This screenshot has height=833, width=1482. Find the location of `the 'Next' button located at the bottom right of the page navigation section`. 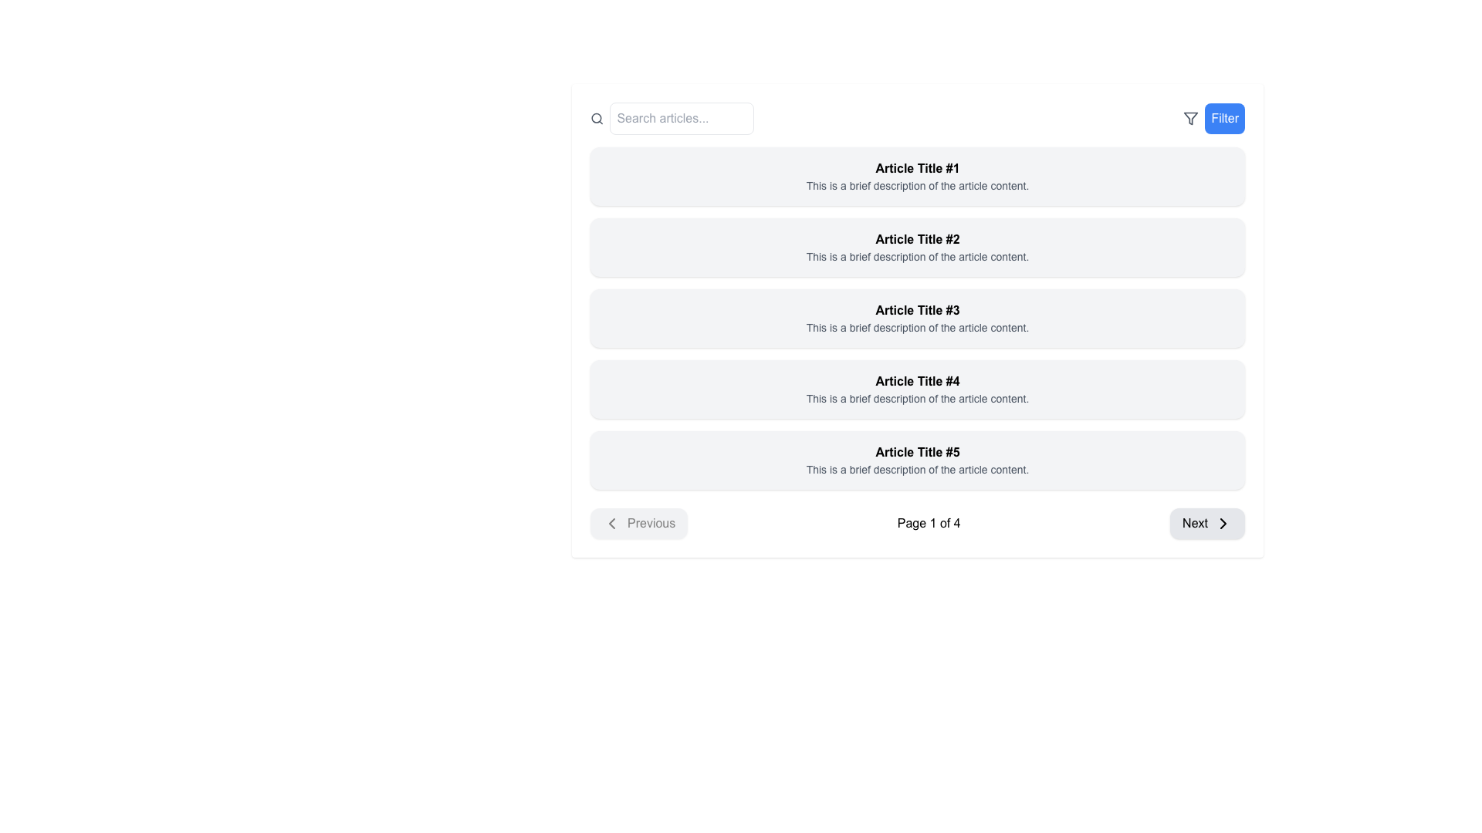

the 'Next' button located at the bottom right of the page navigation section is located at coordinates (1206, 522).